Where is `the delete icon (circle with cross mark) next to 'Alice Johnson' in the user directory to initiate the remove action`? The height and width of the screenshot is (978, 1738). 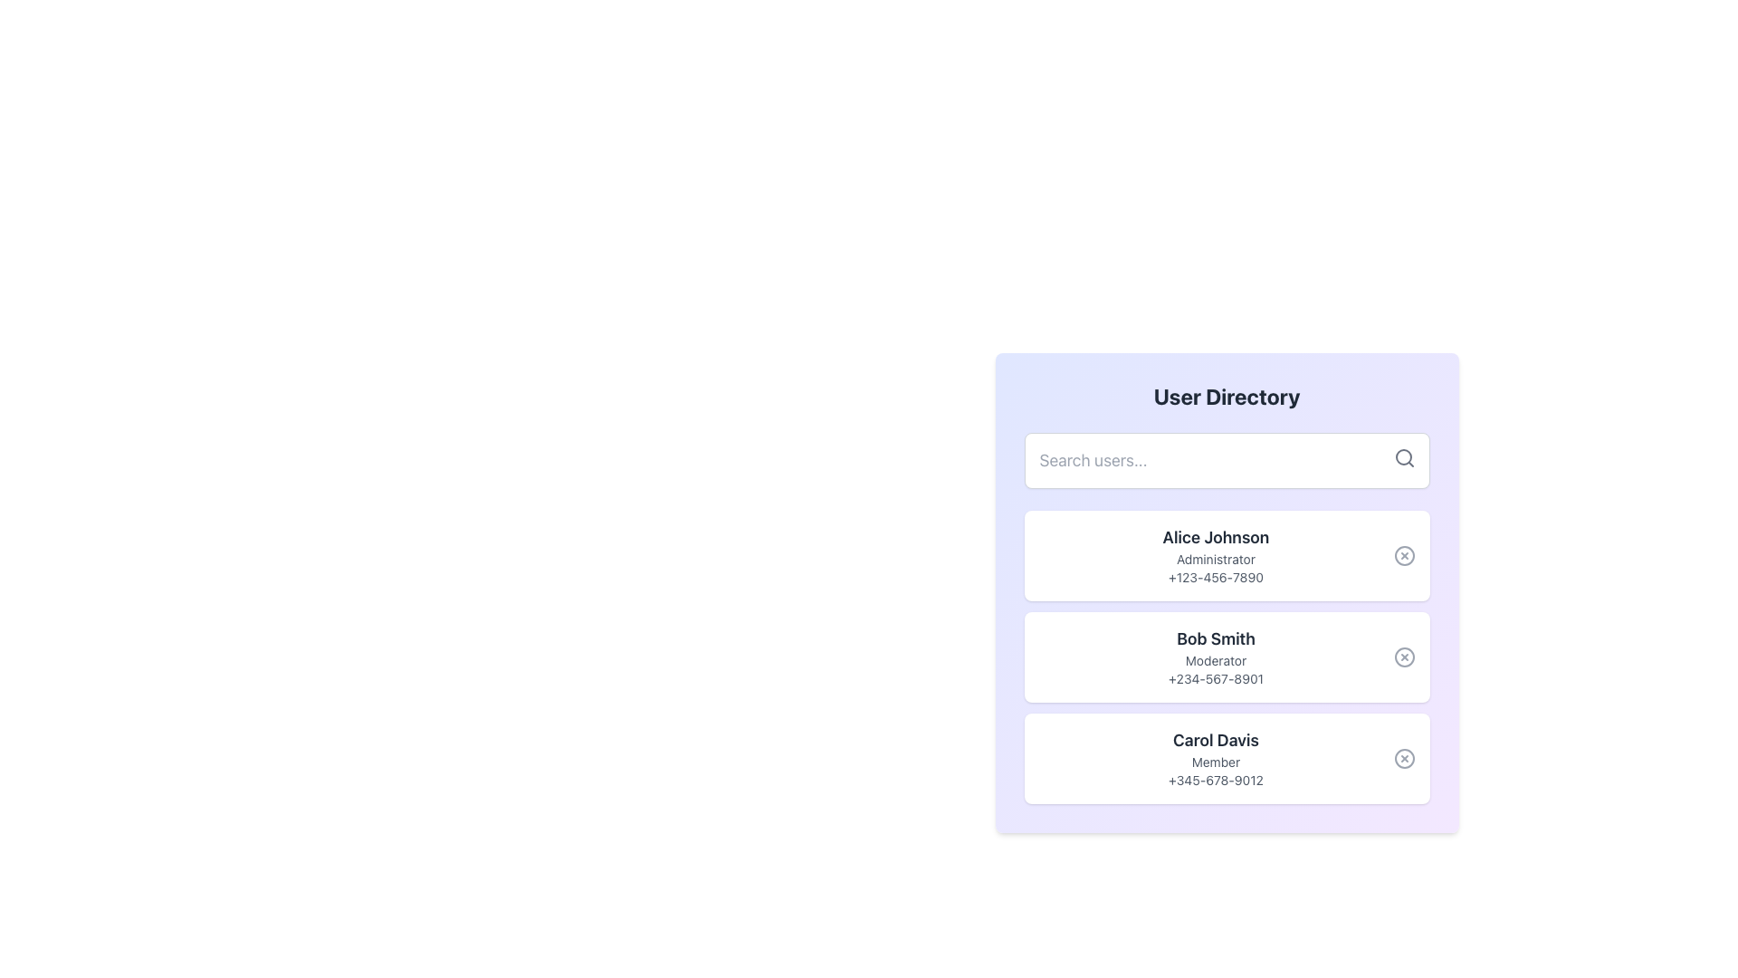
the delete icon (circle with cross mark) next to 'Alice Johnson' in the user directory to initiate the remove action is located at coordinates (1403, 554).